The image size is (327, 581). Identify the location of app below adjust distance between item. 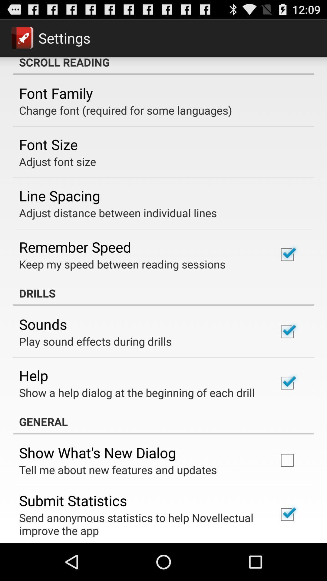
(75, 247).